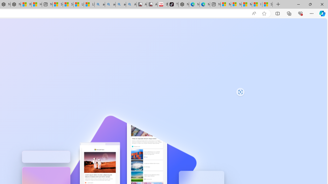  Describe the element at coordinates (15, 4) in the screenshot. I see `'Nordace - Summer Adventures 2024'` at that location.